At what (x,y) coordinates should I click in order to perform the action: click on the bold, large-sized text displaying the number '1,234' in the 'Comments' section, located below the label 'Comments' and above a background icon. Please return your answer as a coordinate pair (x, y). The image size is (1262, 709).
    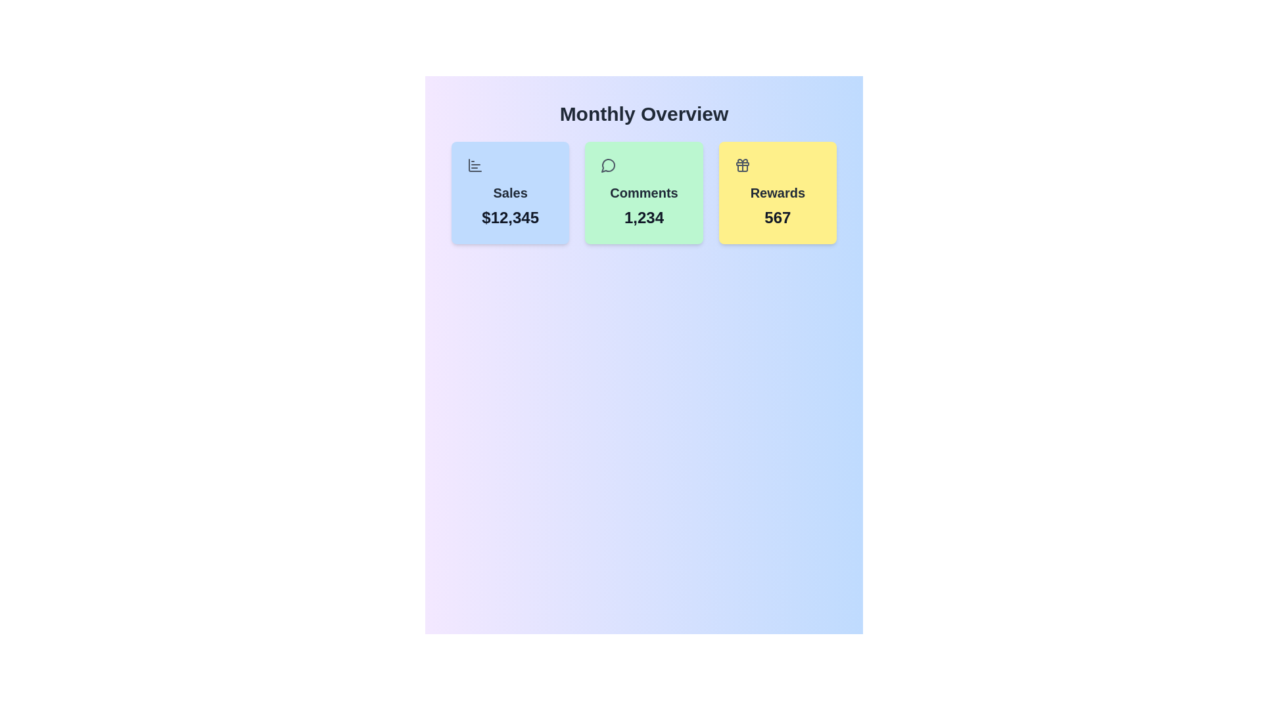
    Looking at the image, I should click on (643, 217).